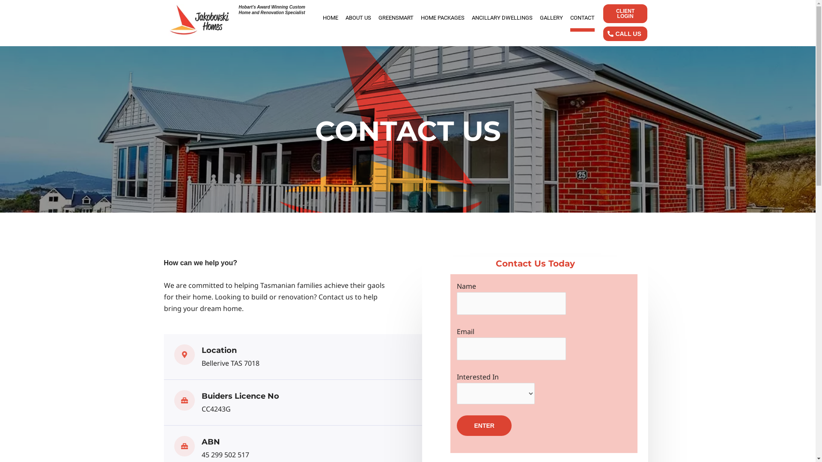 This screenshot has height=462, width=822. I want to click on 'CALL US', so click(625, 33).